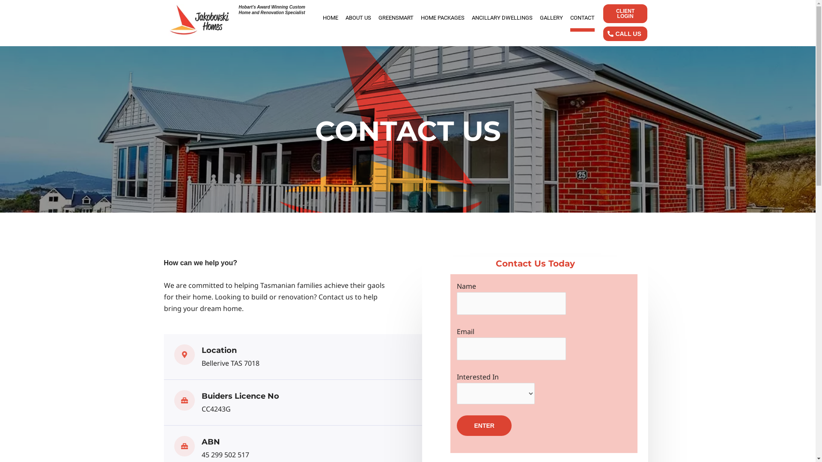 This screenshot has height=462, width=822. I want to click on 'CALL US', so click(625, 33).